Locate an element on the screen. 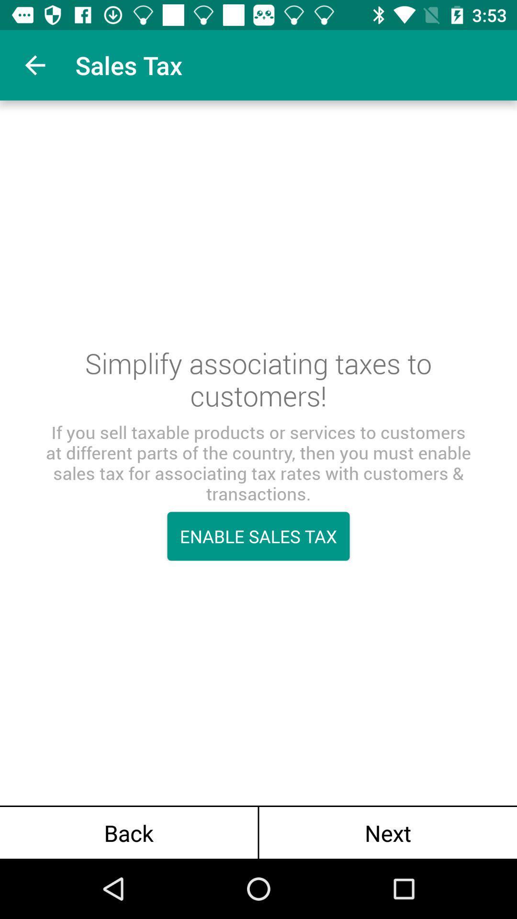 This screenshot has width=517, height=919. the back item is located at coordinates (128, 832).